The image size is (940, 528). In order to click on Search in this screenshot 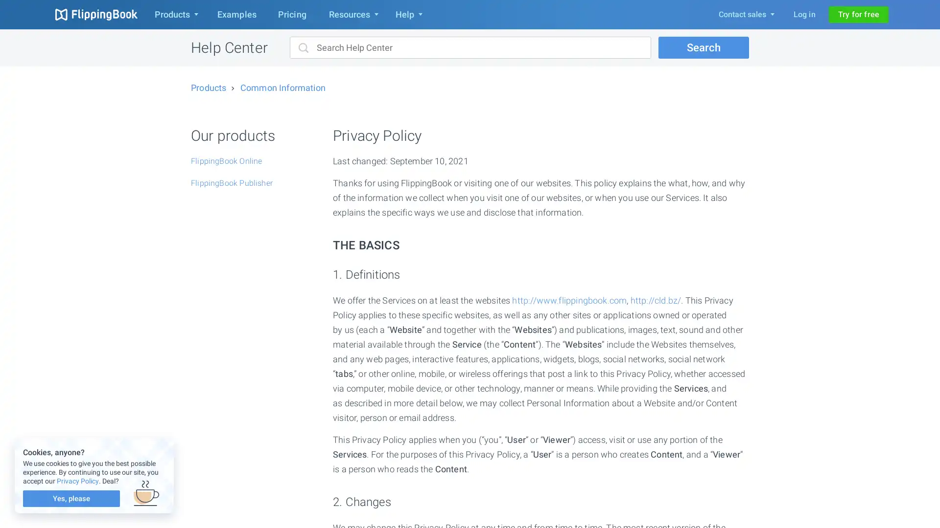, I will do `click(703, 47)`.